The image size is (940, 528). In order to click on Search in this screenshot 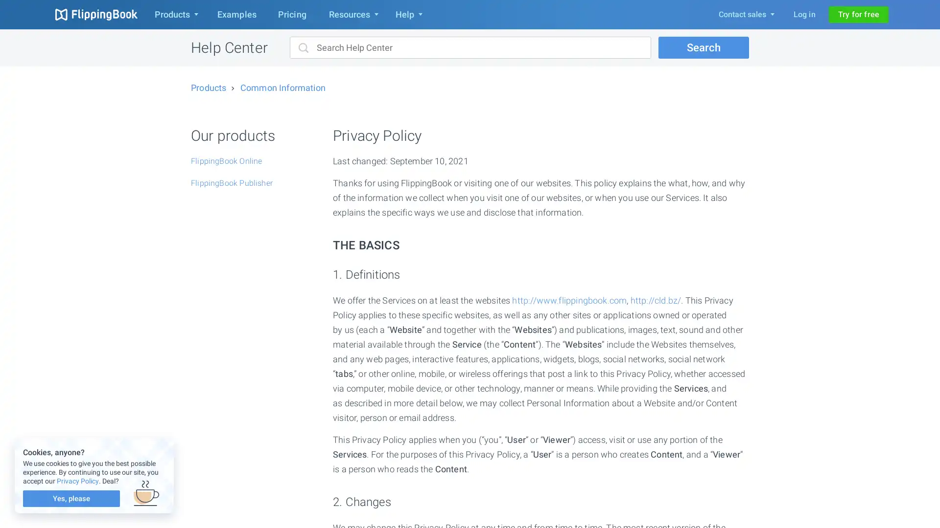, I will do `click(703, 47)`.